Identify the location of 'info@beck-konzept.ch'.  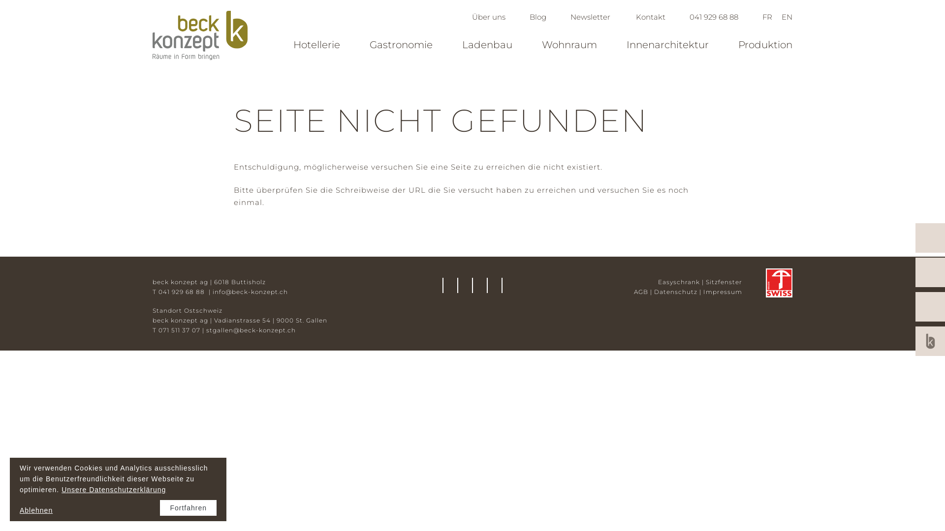
(250, 291).